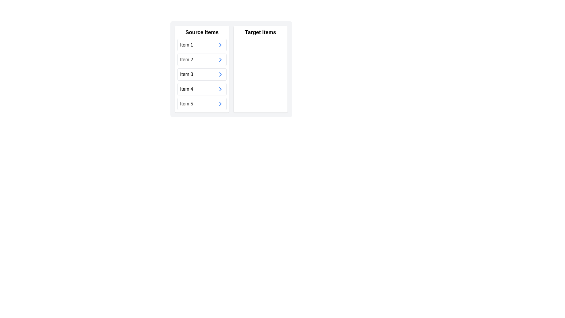 The height and width of the screenshot is (318, 565). I want to click on the blue rightward chevron icon located adjacent to the text 'Item 2', so click(220, 60).